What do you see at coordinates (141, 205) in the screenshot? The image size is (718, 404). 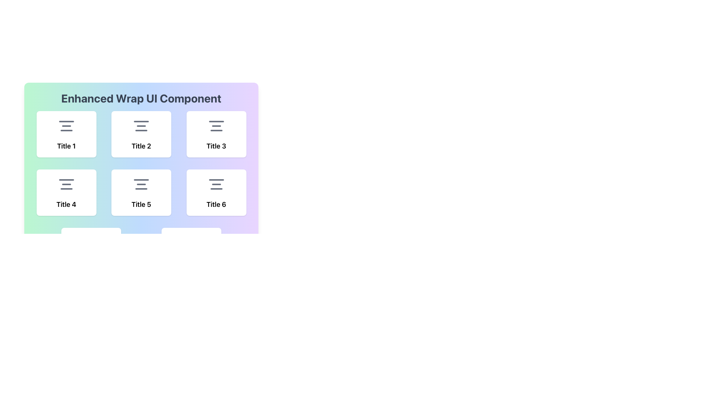 I see `the descriptive label located in the lower row and middle column of the 2x3 grid layout` at bounding box center [141, 205].